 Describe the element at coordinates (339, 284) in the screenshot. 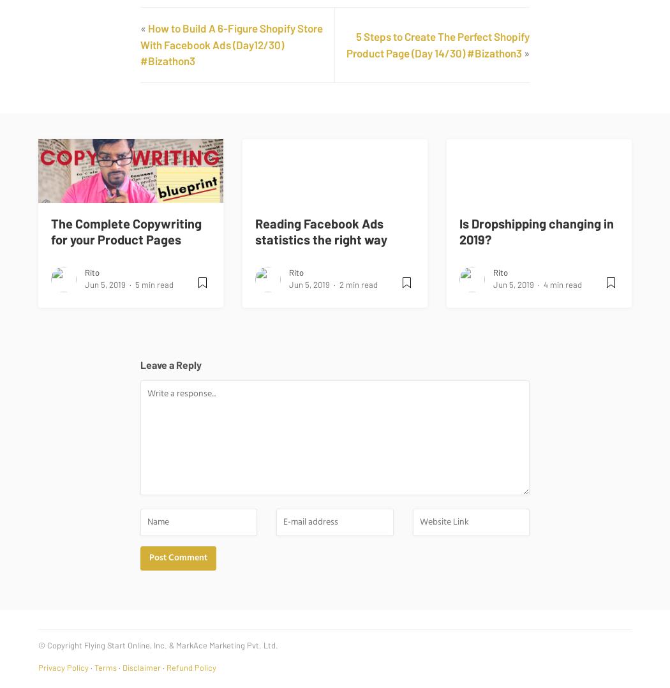

I see `'2 min read'` at that location.